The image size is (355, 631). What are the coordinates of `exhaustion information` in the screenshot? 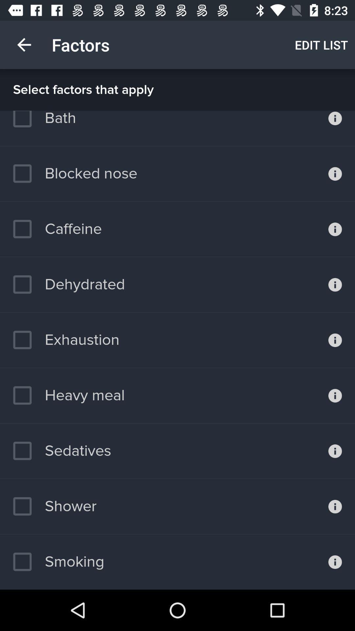 It's located at (335, 340).